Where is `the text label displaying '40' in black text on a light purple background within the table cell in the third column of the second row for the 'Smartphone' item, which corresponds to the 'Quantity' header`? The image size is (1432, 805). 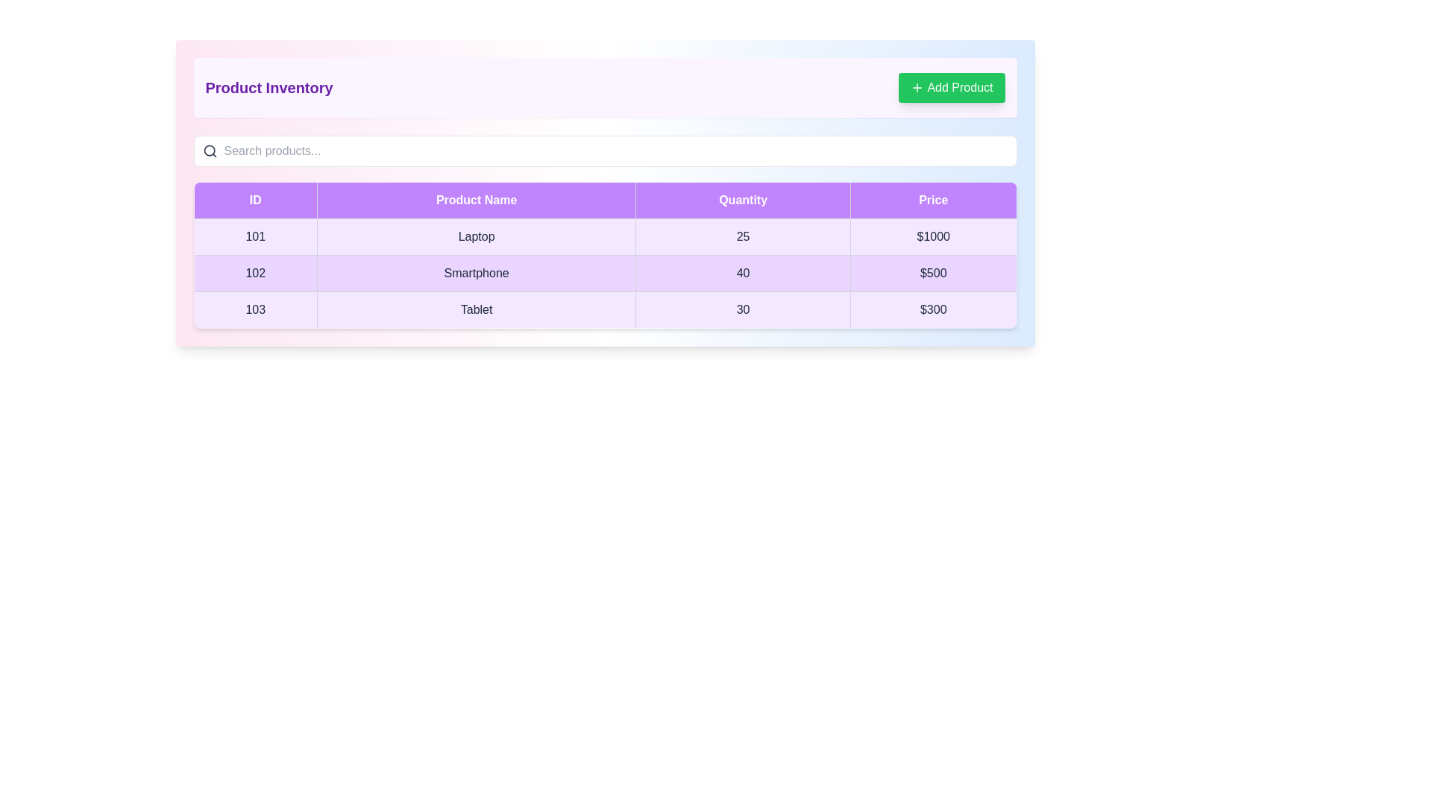
the text label displaying '40' in black text on a light purple background within the table cell in the third column of the second row for the 'Smartphone' item, which corresponds to the 'Quantity' header is located at coordinates (743, 273).